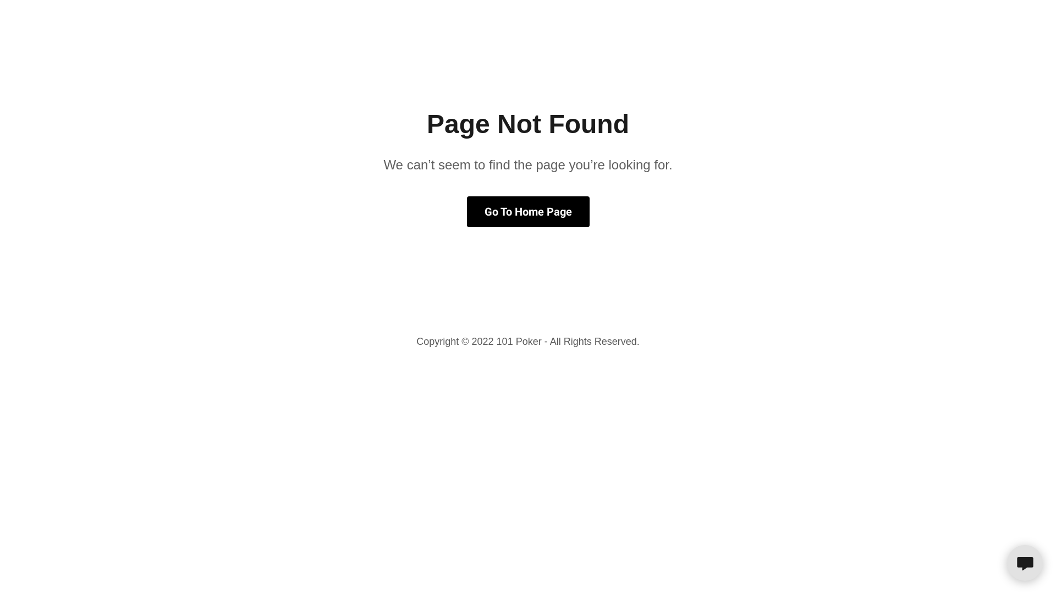  I want to click on 'Go To Home Page', so click(466, 212).